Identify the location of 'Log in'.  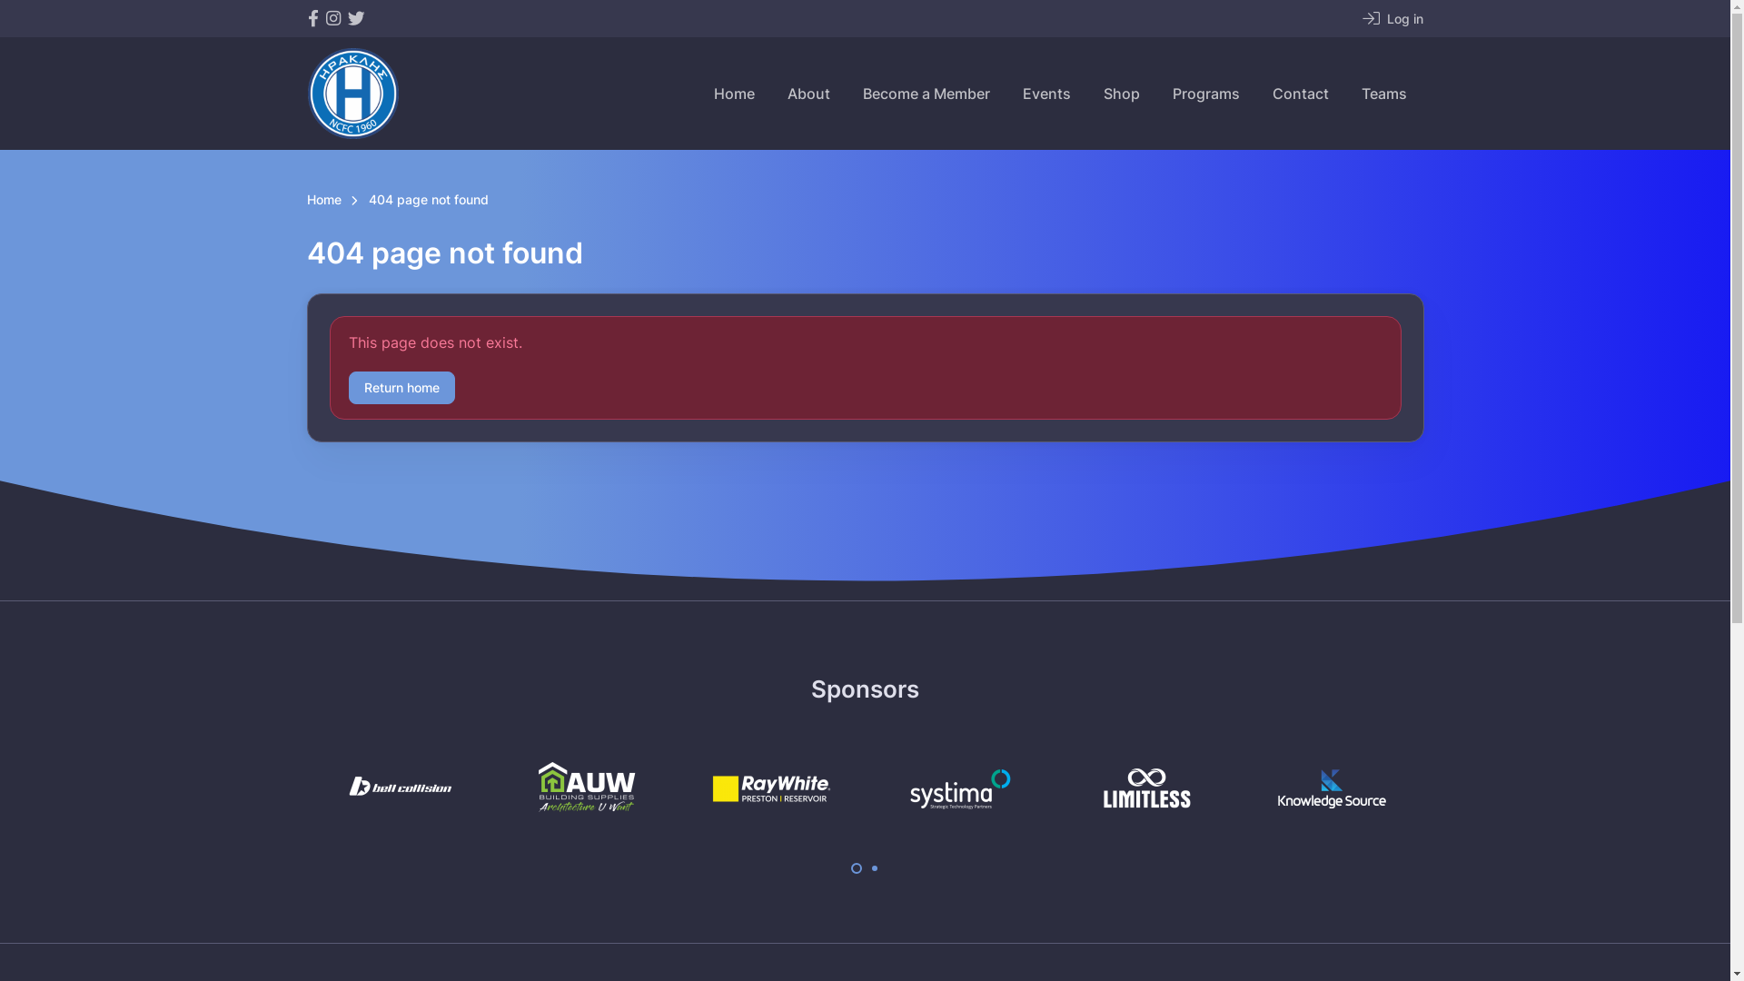
(1392, 18).